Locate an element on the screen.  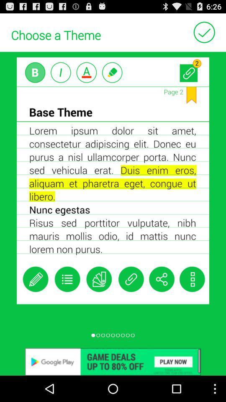
to select ok button is located at coordinates (204, 32).